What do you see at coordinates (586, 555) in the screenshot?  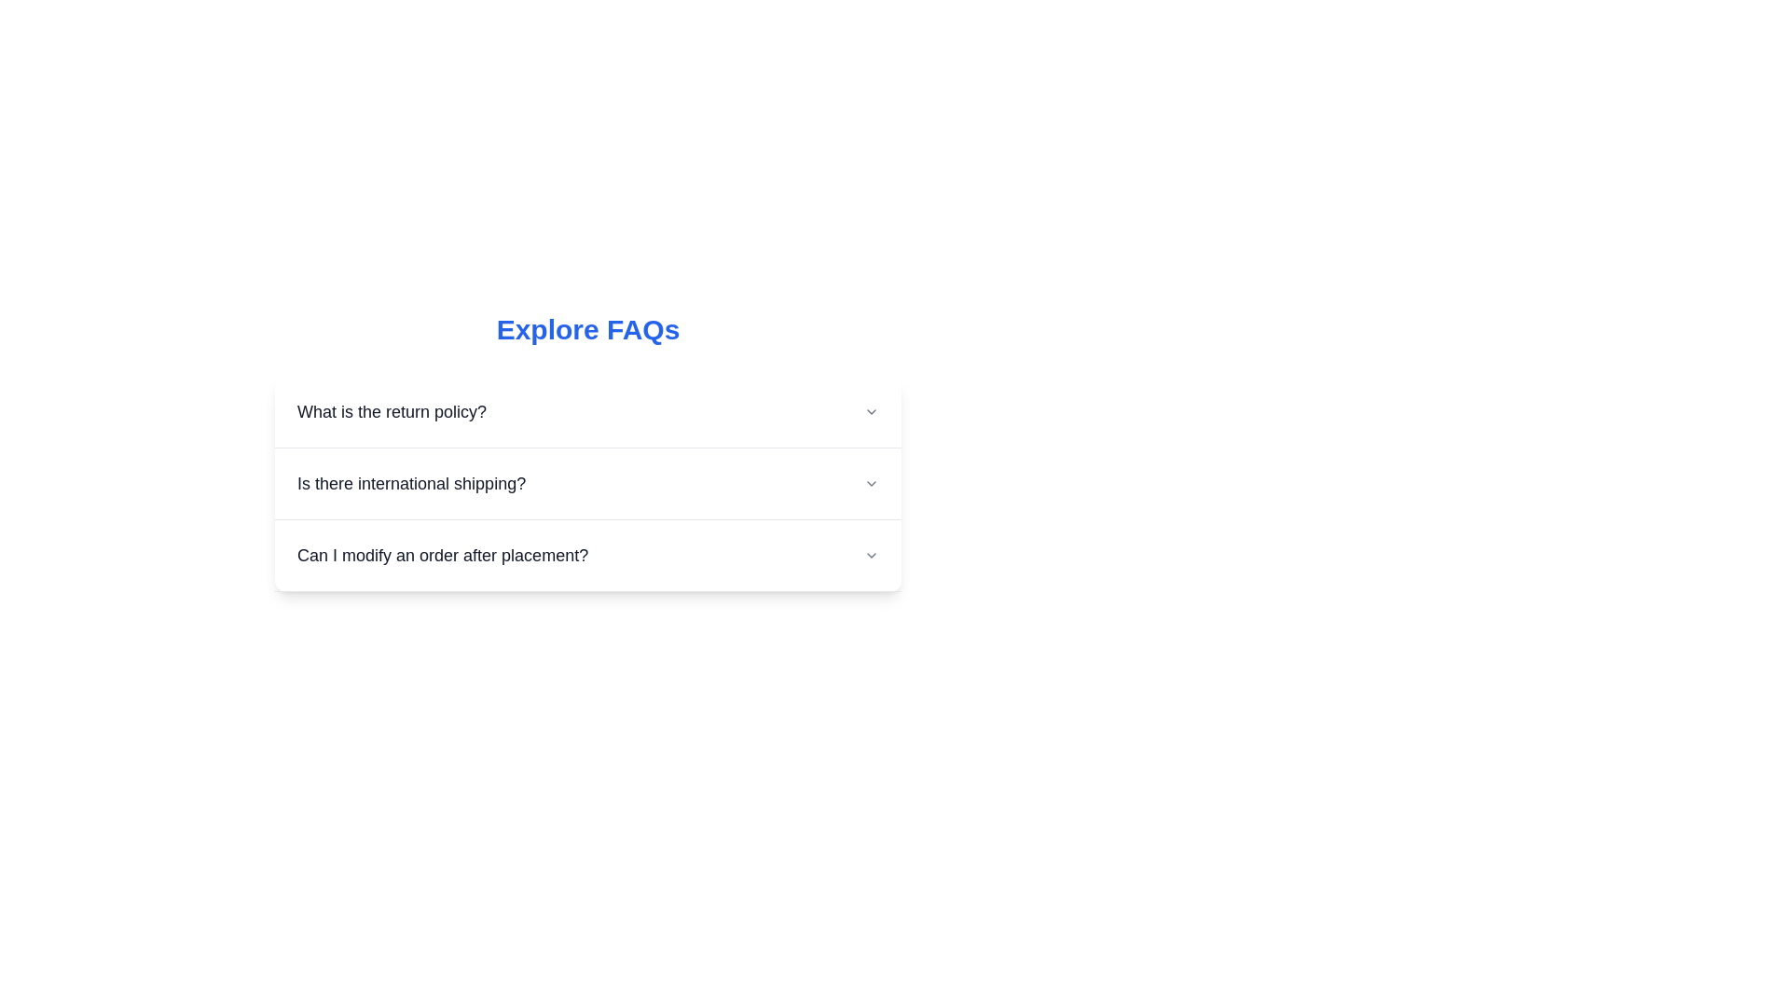 I see `to expand or collapse the FAQ entry titled 'Can I modify an order after placement?' located as the third entry in the FAQ list` at bounding box center [586, 555].